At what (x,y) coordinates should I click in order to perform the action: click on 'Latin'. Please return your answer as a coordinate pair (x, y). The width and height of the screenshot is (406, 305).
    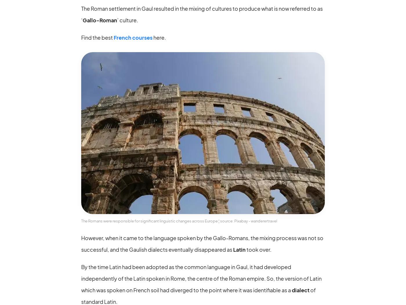
    Looking at the image, I should click on (239, 249).